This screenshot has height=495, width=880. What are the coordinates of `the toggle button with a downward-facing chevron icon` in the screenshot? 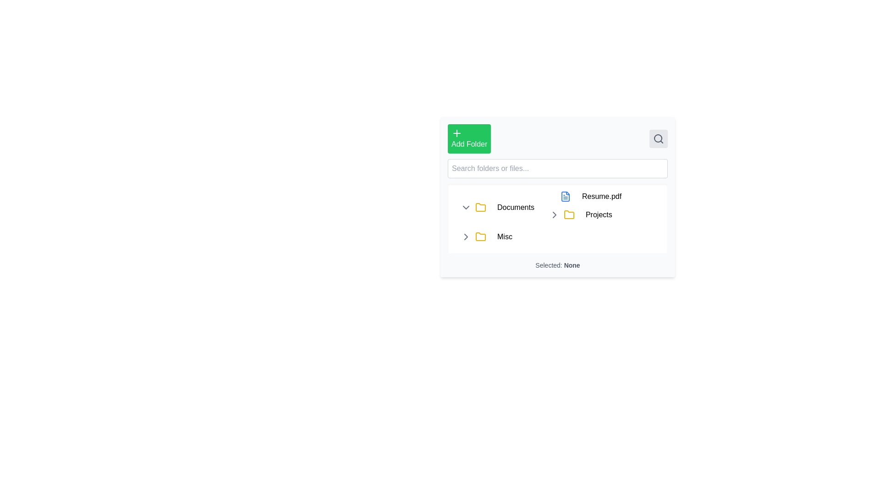 It's located at (466, 207).